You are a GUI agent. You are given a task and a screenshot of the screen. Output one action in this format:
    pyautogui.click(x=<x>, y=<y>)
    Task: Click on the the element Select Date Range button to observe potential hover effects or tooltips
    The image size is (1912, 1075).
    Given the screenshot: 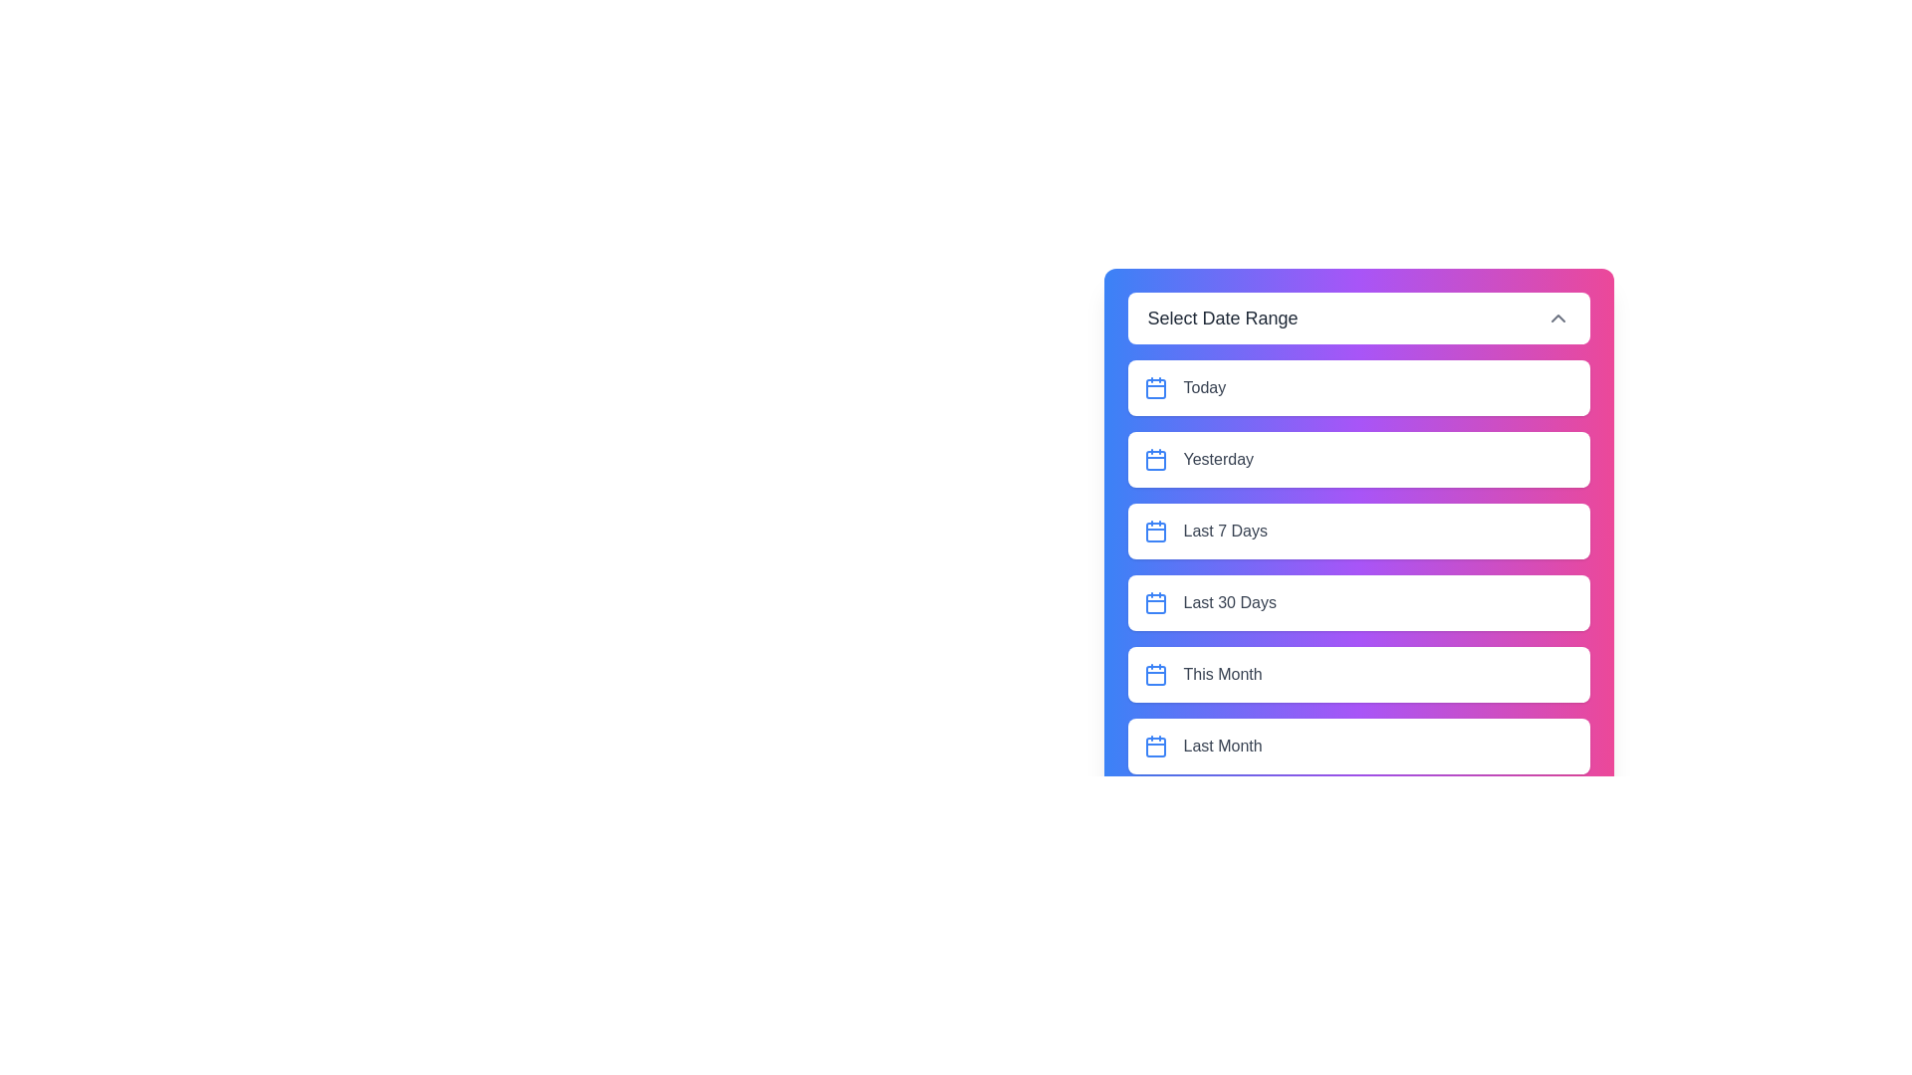 What is the action you would take?
    pyautogui.click(x=1357, y=318)
    